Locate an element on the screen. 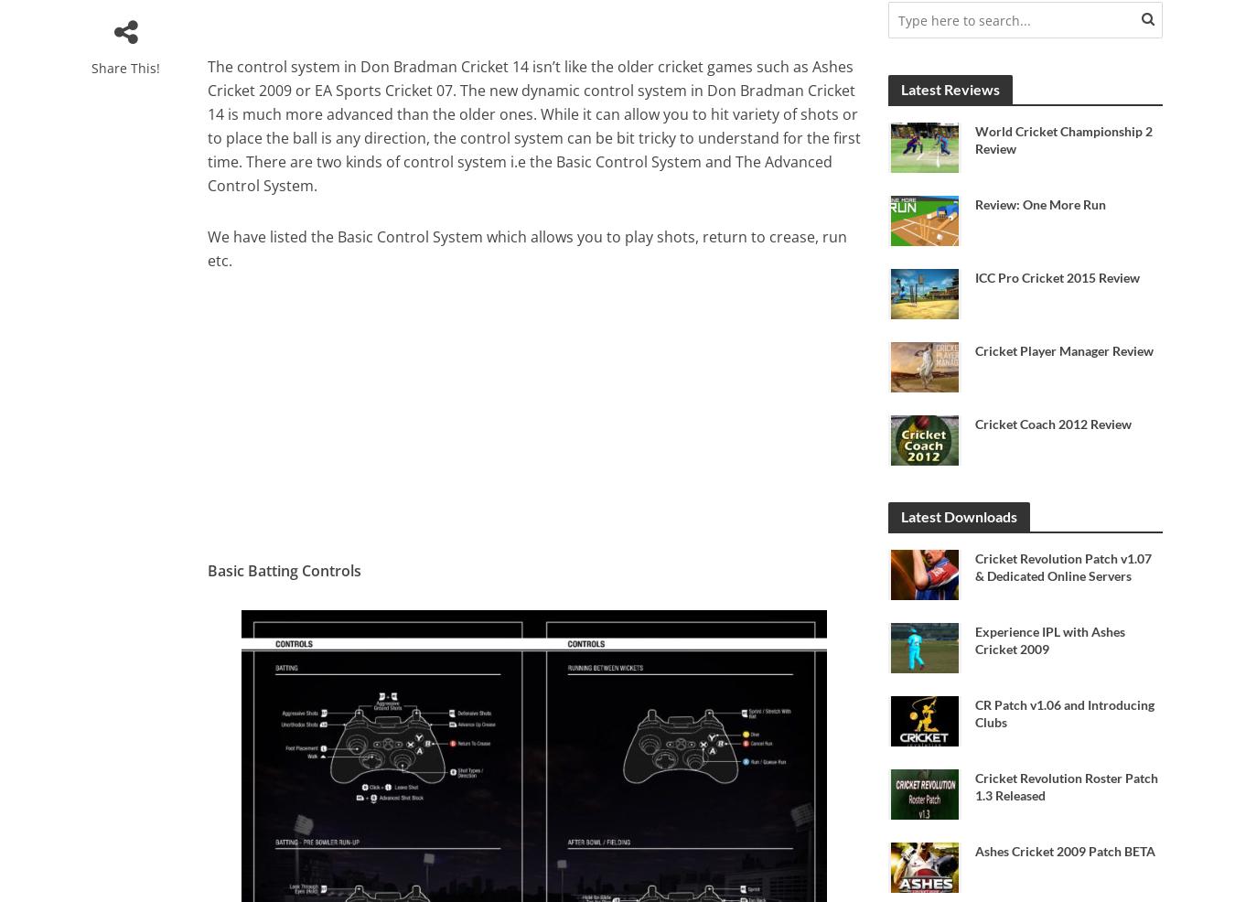 The width and height of the screenshot is (1235, 902). 'Latest Downloads' is located at coordinates (959, 515).